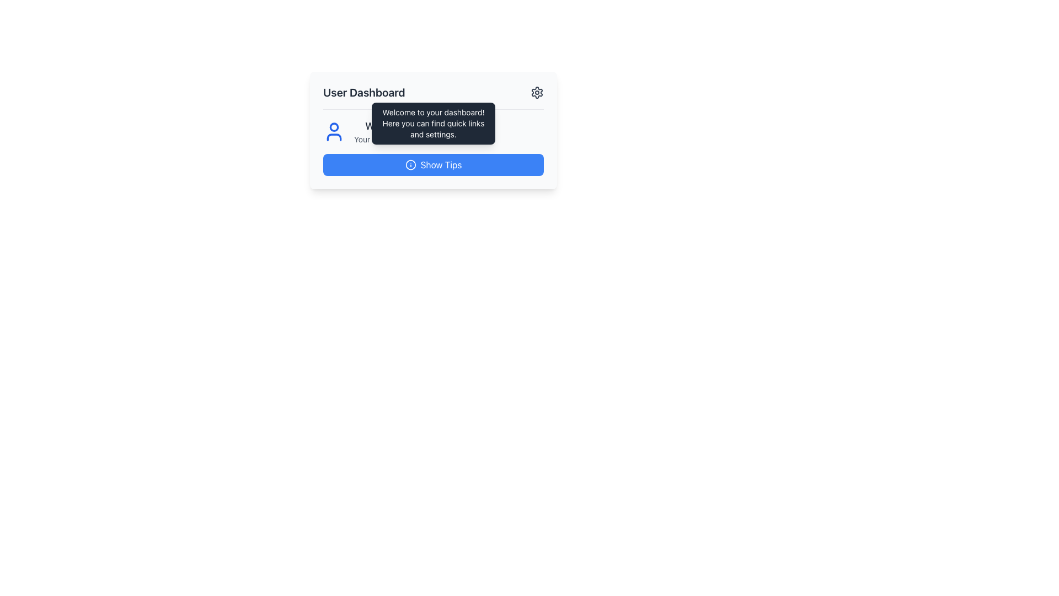 This screenshot has height=596, width=1059. I want to click on the outer gear-shaped structure of the settings icon located in the top-right corner of the 'User Dashboard' card, so click(537, 92).